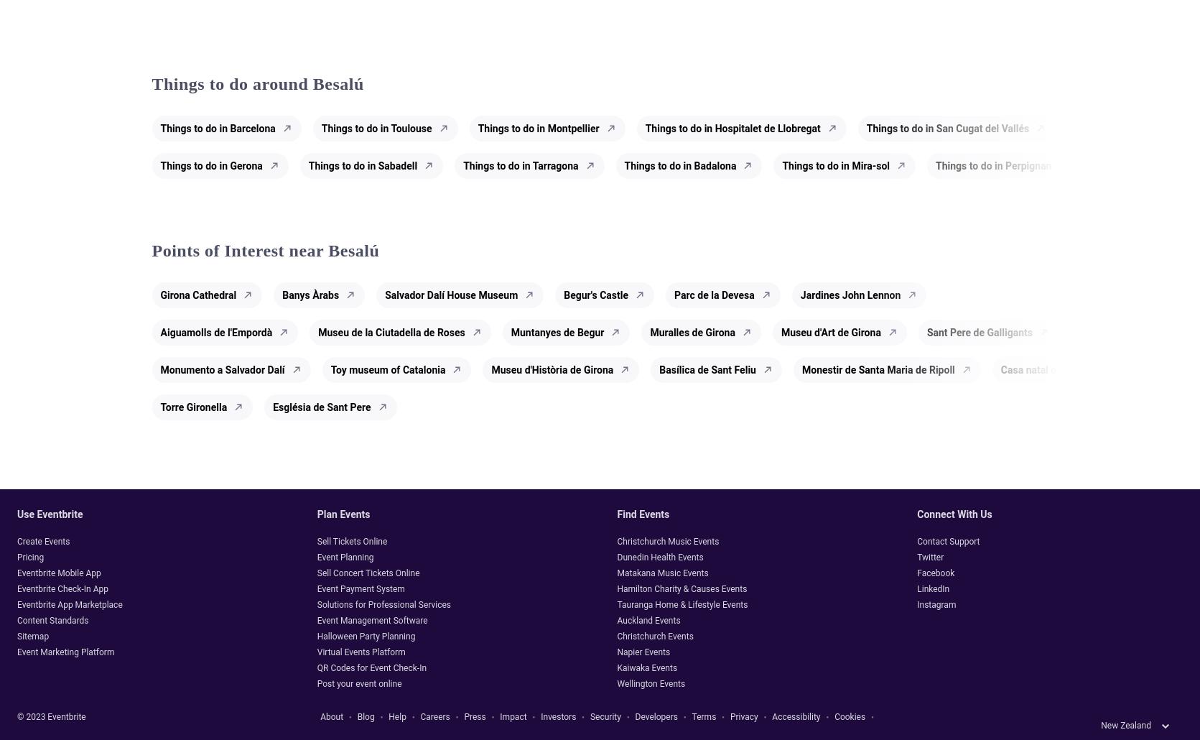 Image resolution: width=1200 pixels, height=740 pixels. Describe the element at coordinates (367, 572) in the screenshot. I see `'Sell Concert Tickets Online'` at that location.